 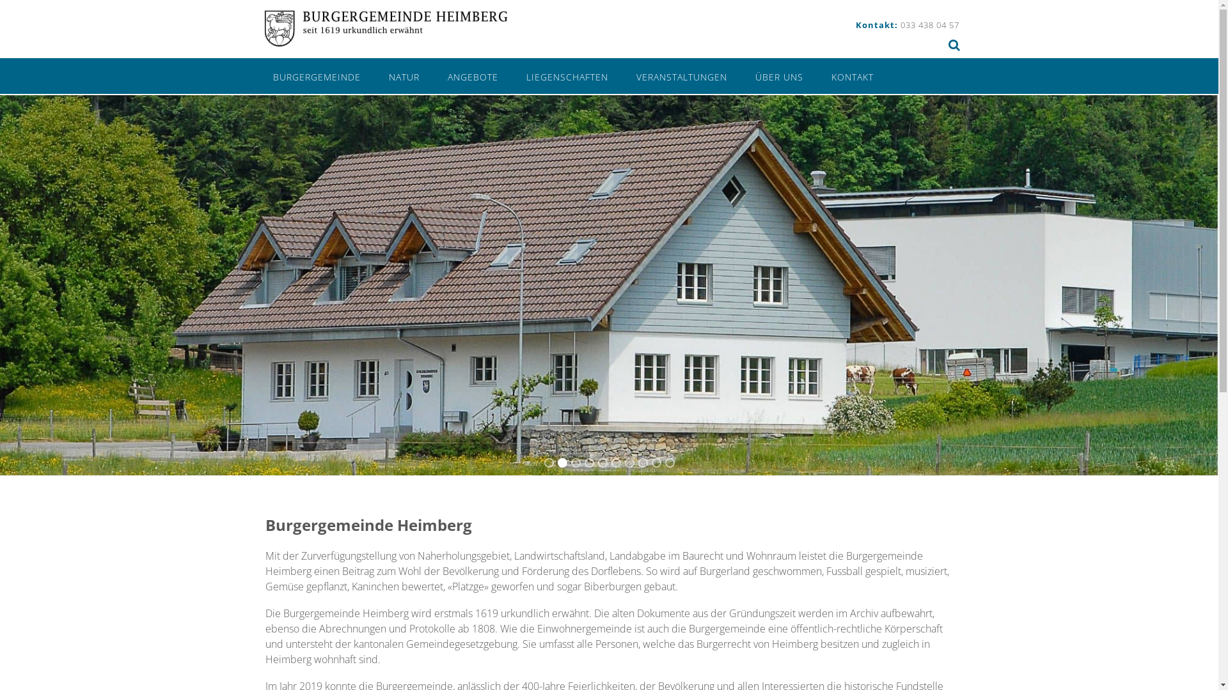 I want to click on '7', so click(x=629, y=463).